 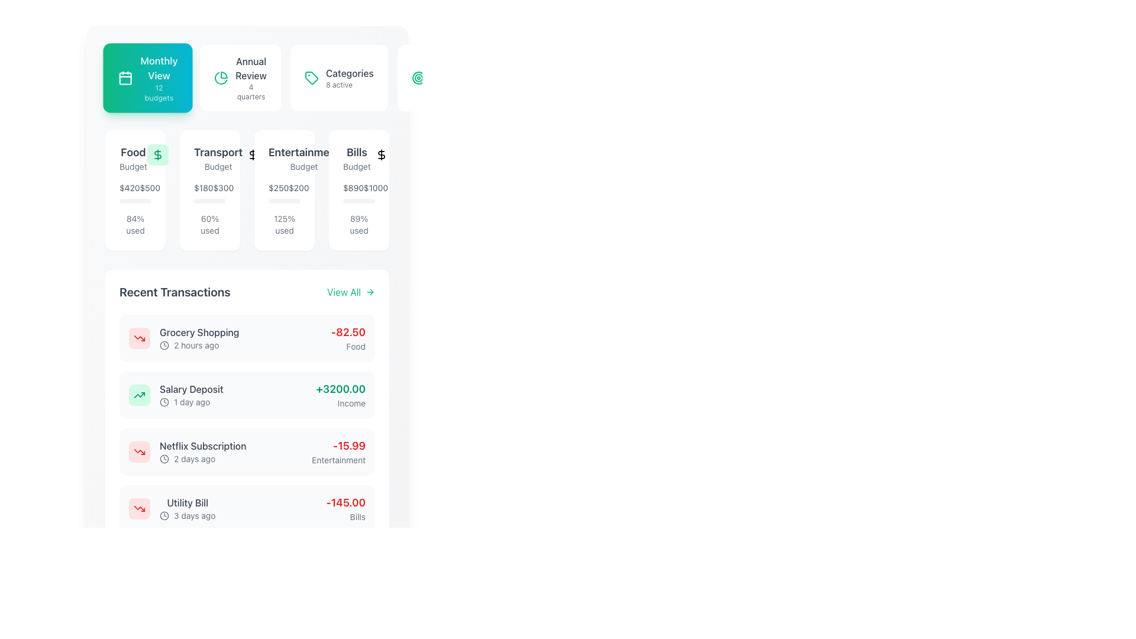 What do you see at coordinates (149, 187) in the screenshot?
I see `the static text element displaying the monetary value in the 'Food' budget card, located to the right of the text '$420'` at bounding box center [149, 187].